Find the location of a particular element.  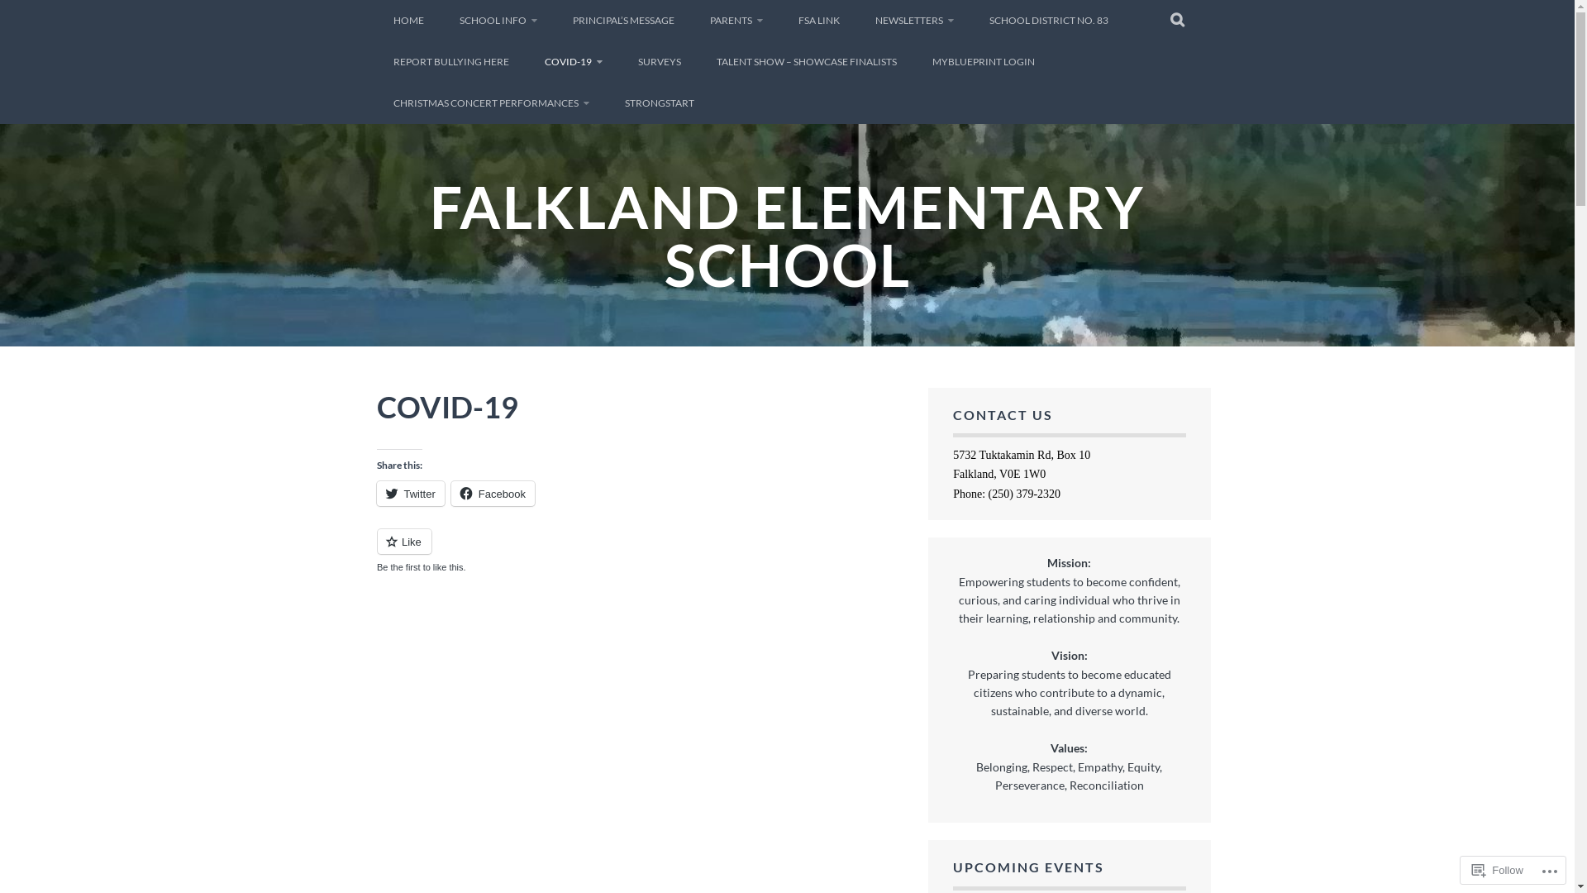

'NEWSLETTERS' is located at coordinates (913, 20).